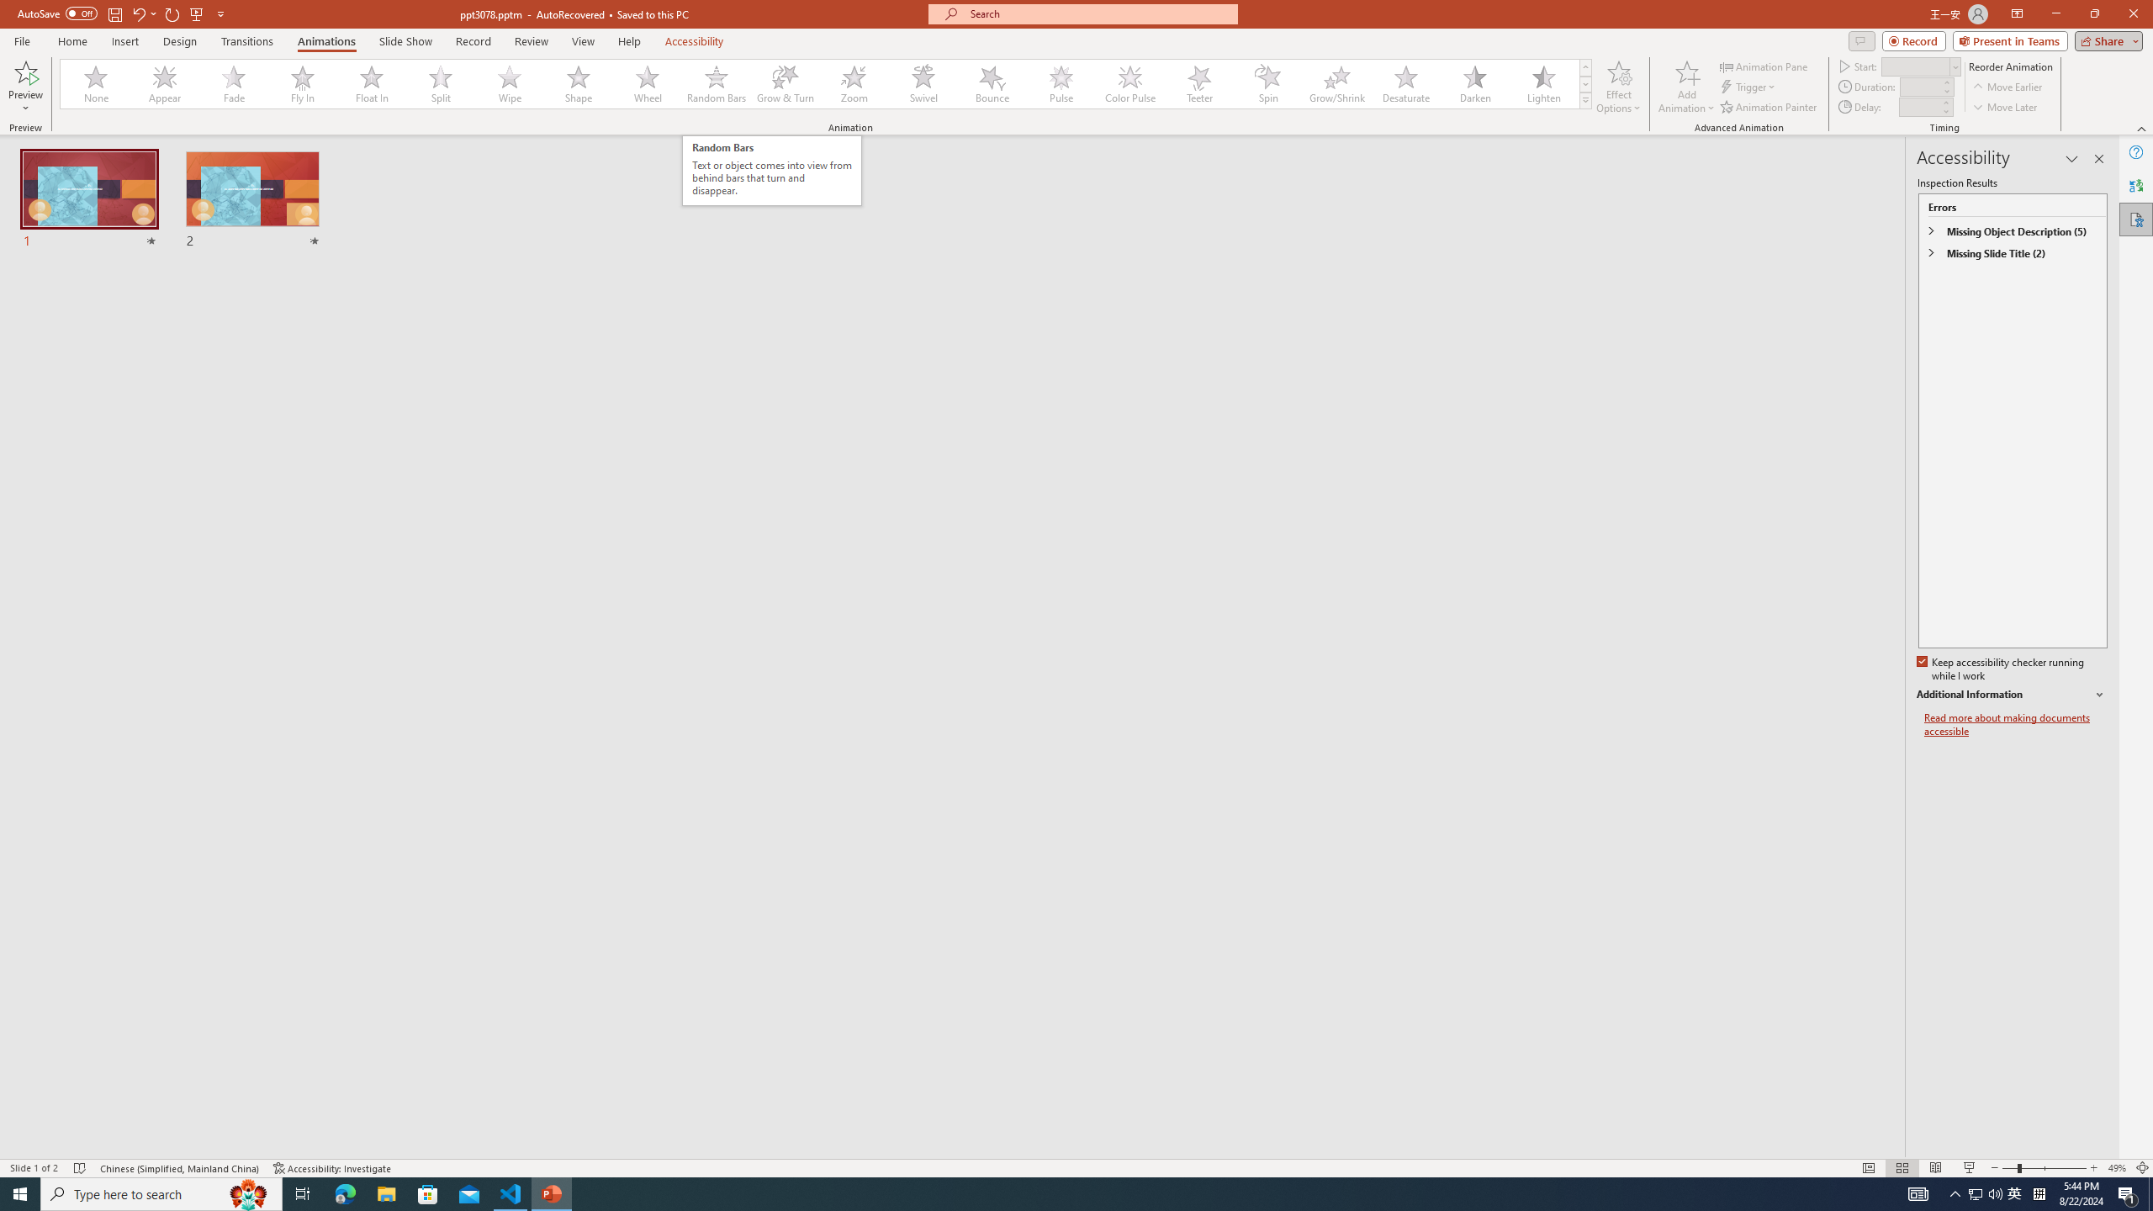  I want to click on 'Animation Duration', so click(1919, 86).